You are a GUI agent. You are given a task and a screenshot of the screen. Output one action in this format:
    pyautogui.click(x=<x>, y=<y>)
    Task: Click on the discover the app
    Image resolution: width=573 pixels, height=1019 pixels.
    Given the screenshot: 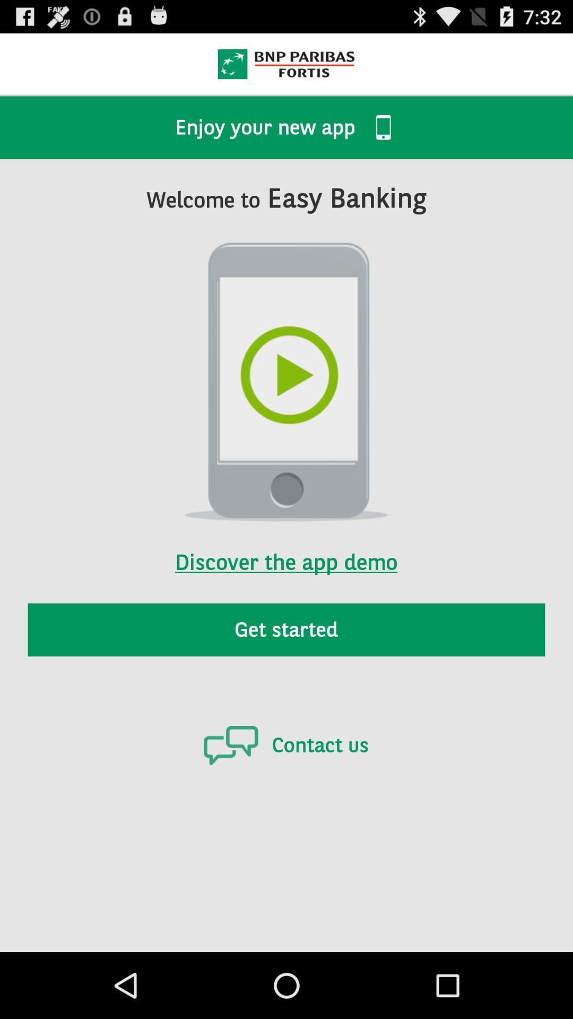 What is the action you would take?
    pyautogui.click(x=285, y=548)
    